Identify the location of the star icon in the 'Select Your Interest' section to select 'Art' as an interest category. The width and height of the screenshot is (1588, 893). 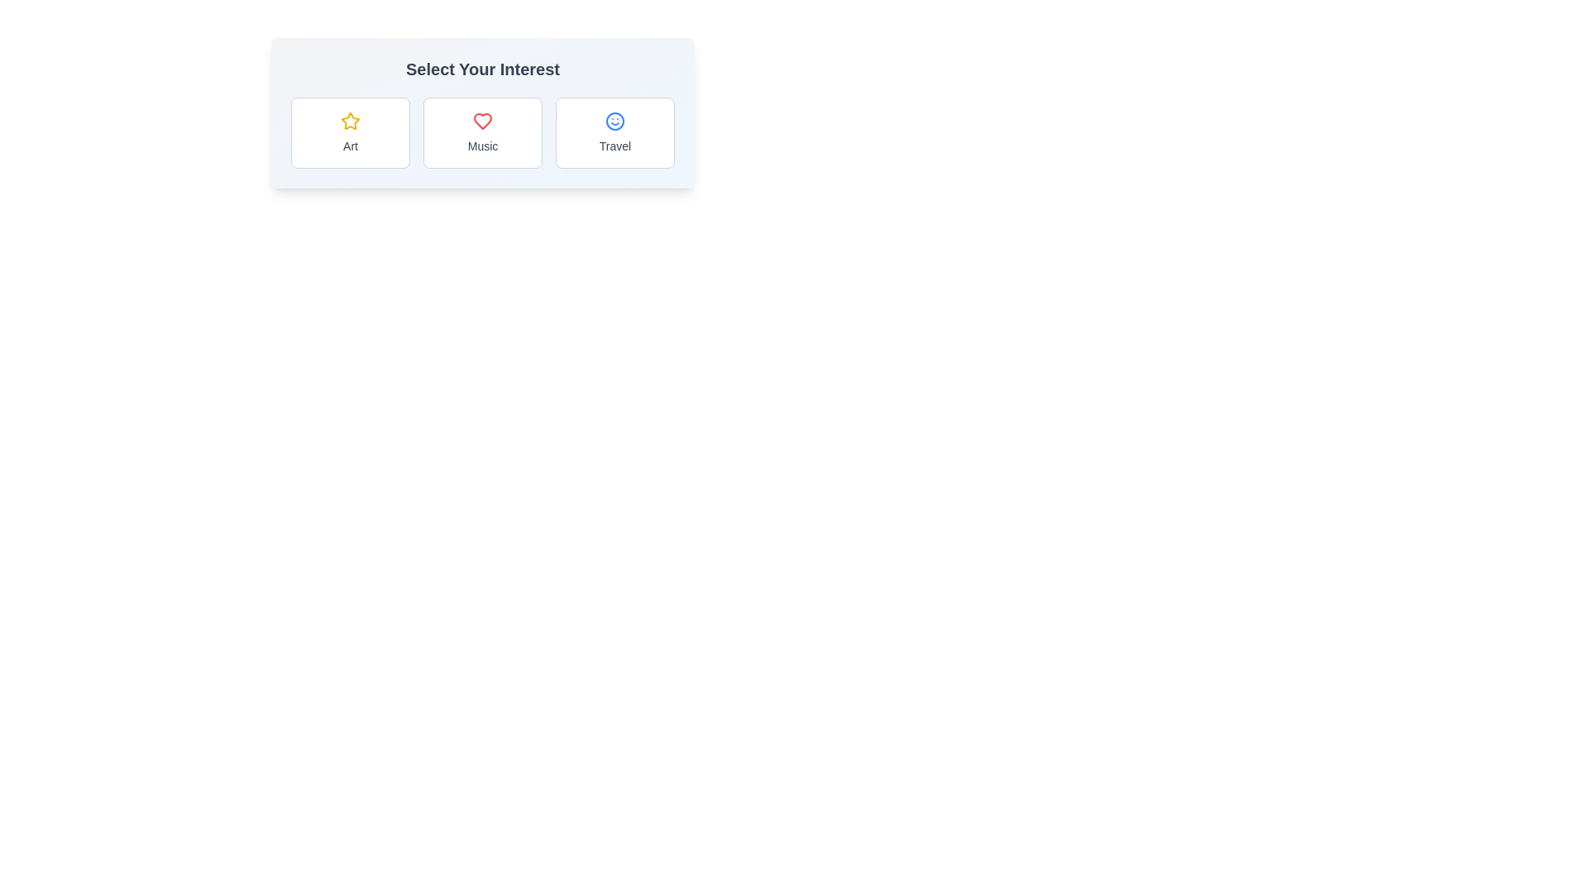
(349, 120).